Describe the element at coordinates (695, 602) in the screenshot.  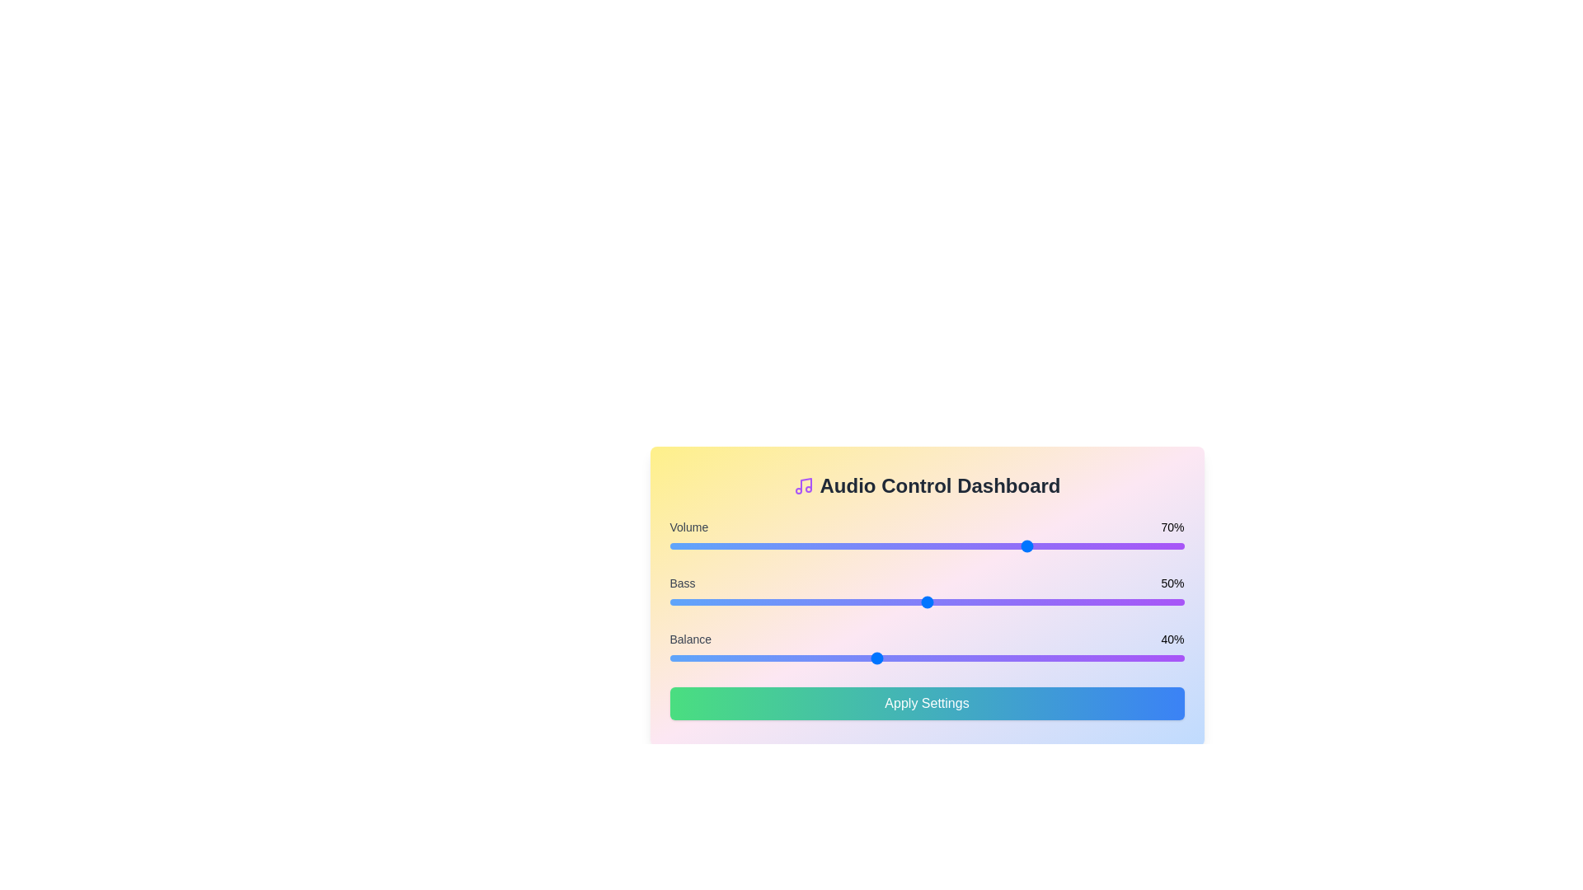
I see `bass level` at that location.